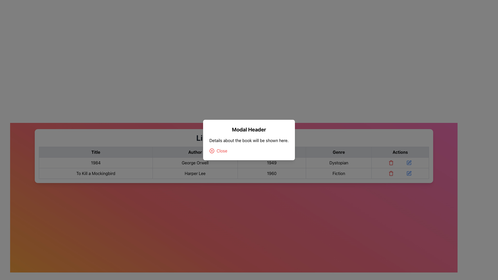  What do you see at coordinates (195, 173) in the screenshot?
I see `the text cell displaying the author's name 'Harper Lee' in the 'Author' column of the table for 'To Kill a Mockingbird'` at bounding box center [195, 173].